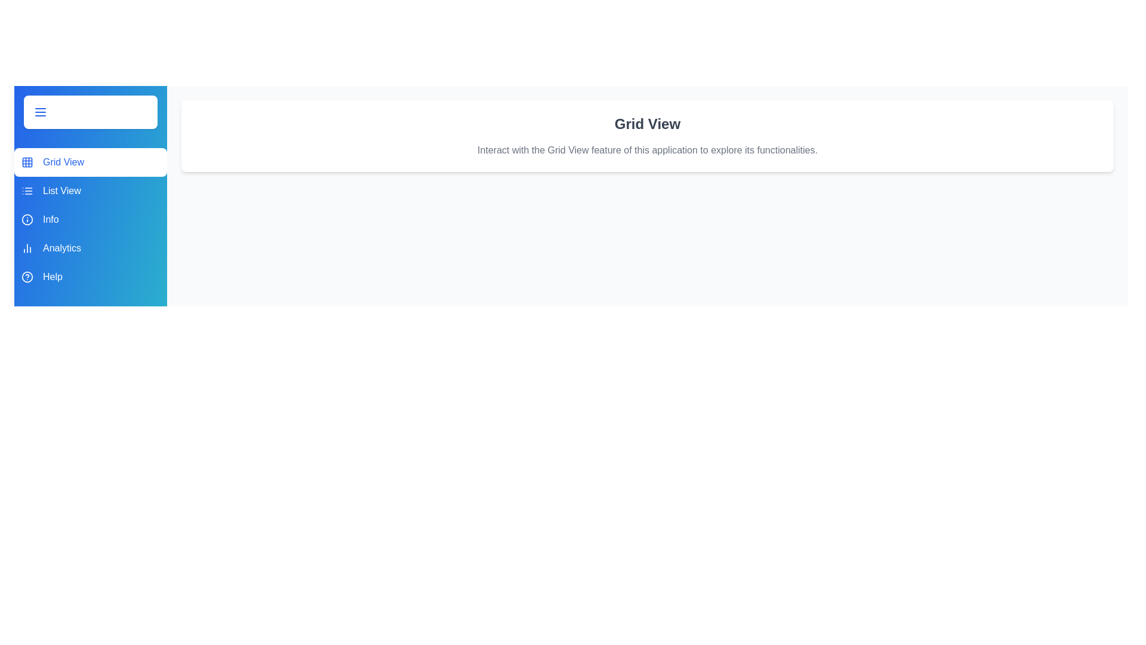 This screenshot has width=1146, height=645. Describe the element at coordinates (90, 248) in the screenshot. I see `the feature Analytics from the sidebar menu` at that location.